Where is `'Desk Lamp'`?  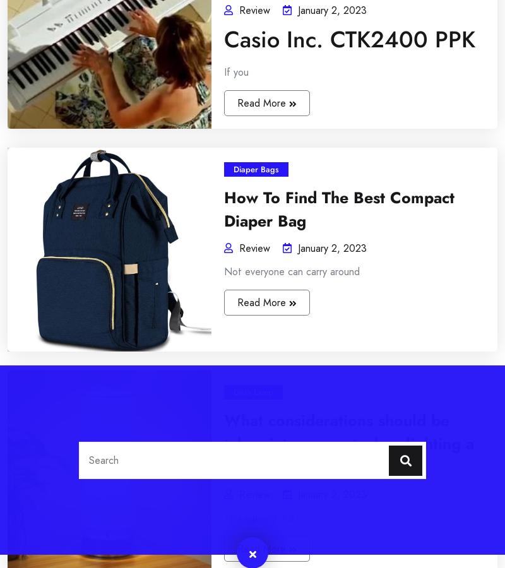 'Desk Lamp' is located at coordinates (46, 296).